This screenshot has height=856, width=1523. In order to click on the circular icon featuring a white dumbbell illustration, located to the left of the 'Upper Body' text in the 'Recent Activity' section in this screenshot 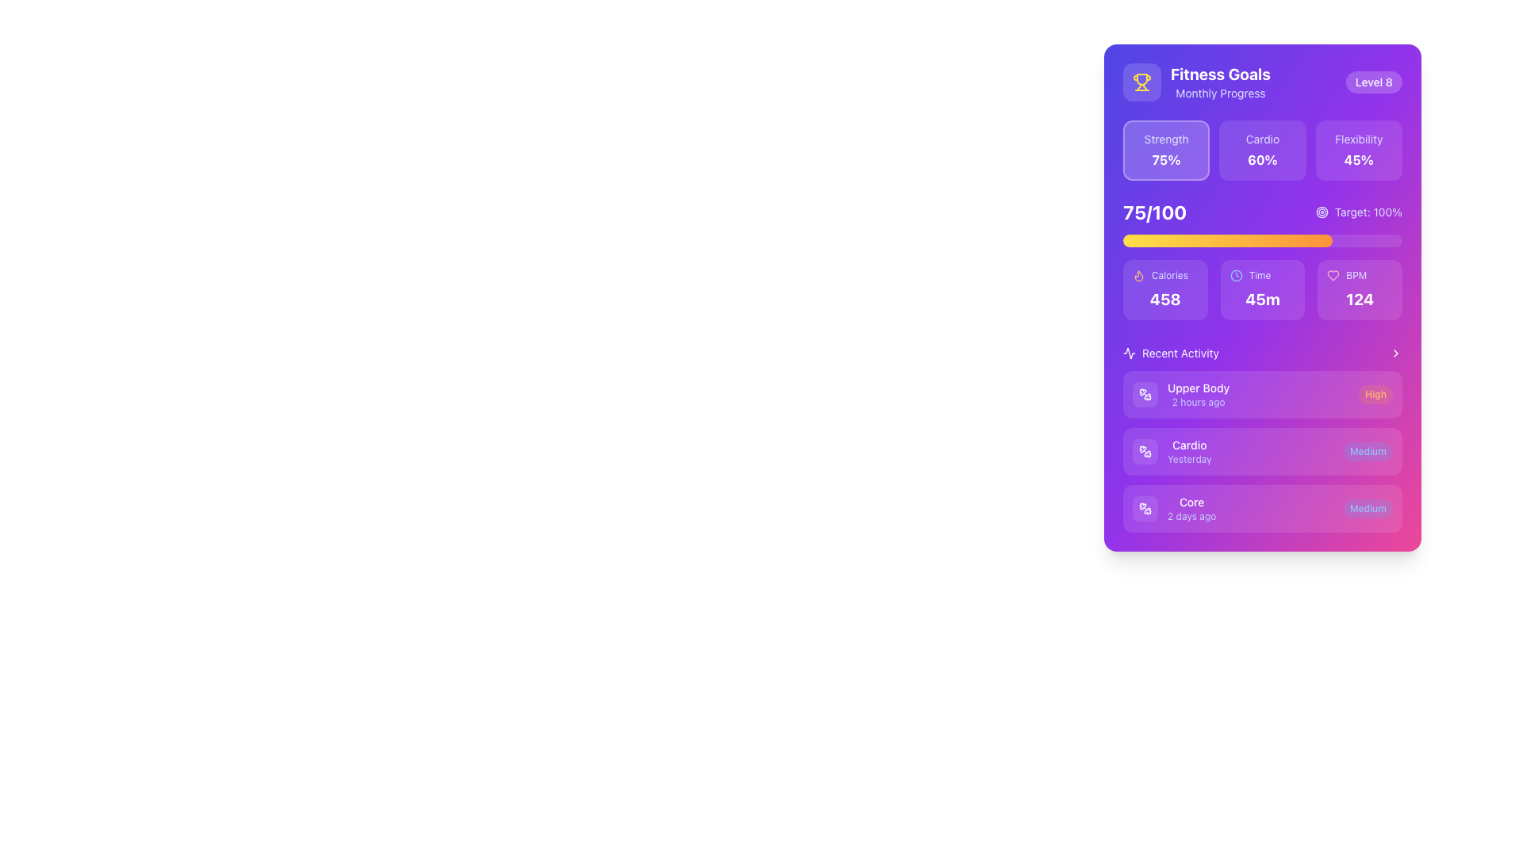, I will do `click(1145, 393)`.